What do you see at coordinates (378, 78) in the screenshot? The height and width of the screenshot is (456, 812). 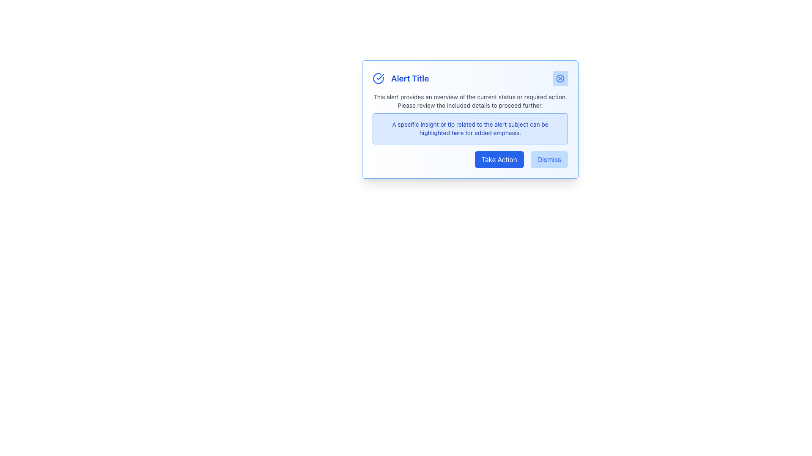 I see `the success icon located to the left of the 'Alert Title' text in the alert box's title section to associate its visual information with the alert context` at bounding box center [378, 78].